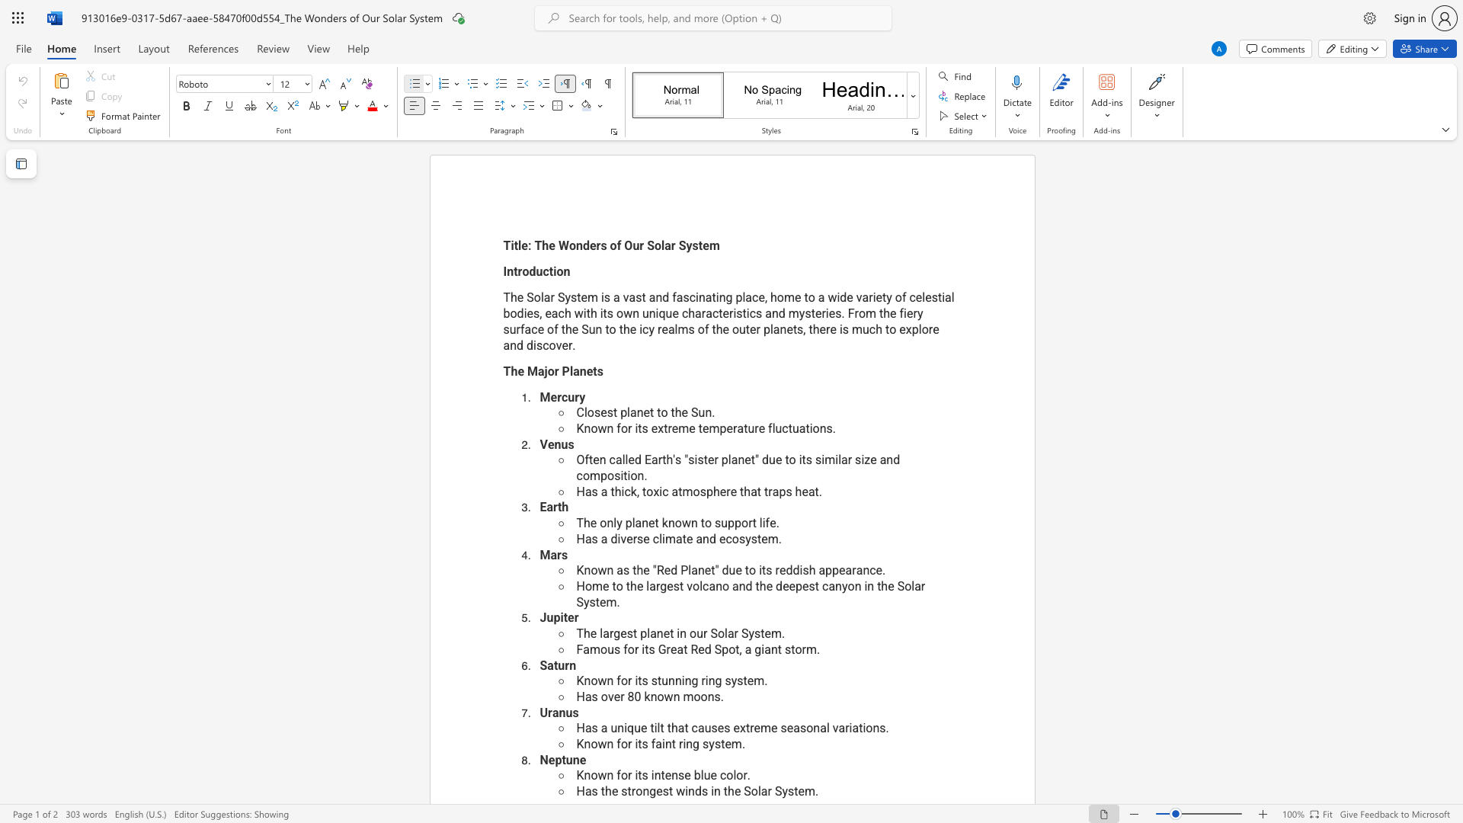  What do you see at coordinates (605, 680) in the screenshot?
I see `the space between the continuous character "w" and "n" in the text` at bounding box center [605, 680].